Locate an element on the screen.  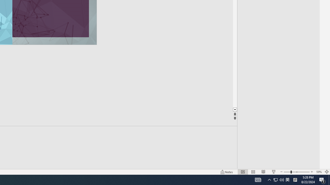
'Zoom 59%' is located at coordinates (319, 172).